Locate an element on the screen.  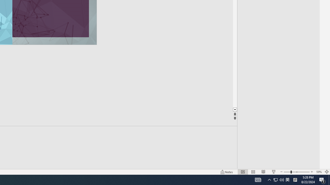
'Zoom 59%' is located at coordinates (319, 172).